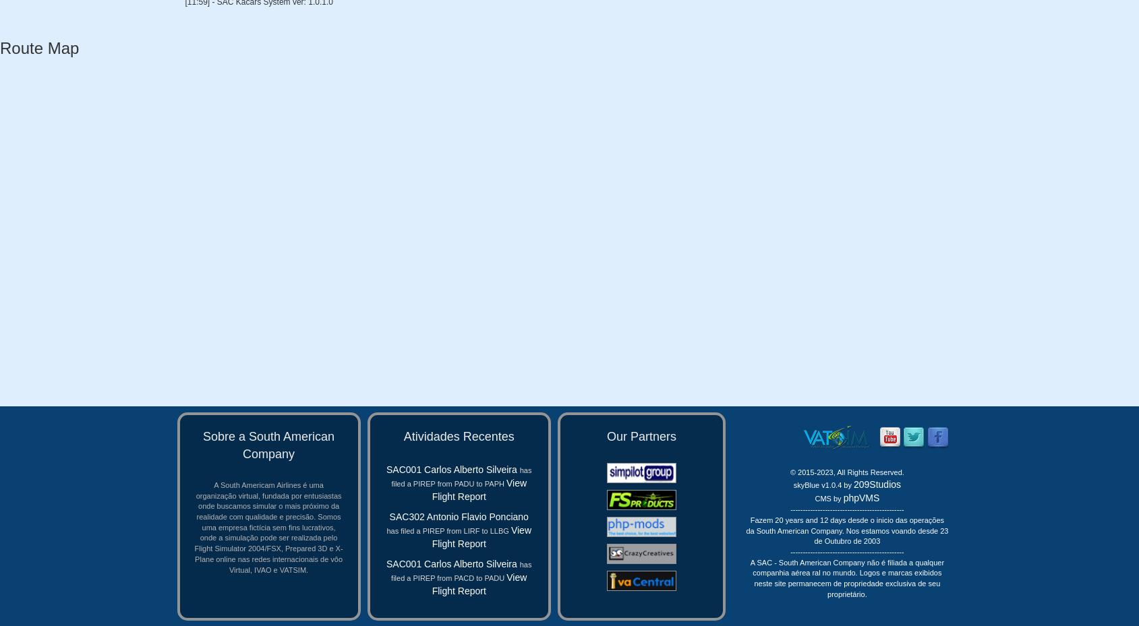 The height and width of the screenshot is (626, 1139). I want to click on 'A SAC - South American Company não é filiada a qualquer companhia 
			aérea ral no mundo. Logos e marcas exibidos neste site permanecem de 
			propriedade exclusiva de seu proprietário.', so click(846, 577).